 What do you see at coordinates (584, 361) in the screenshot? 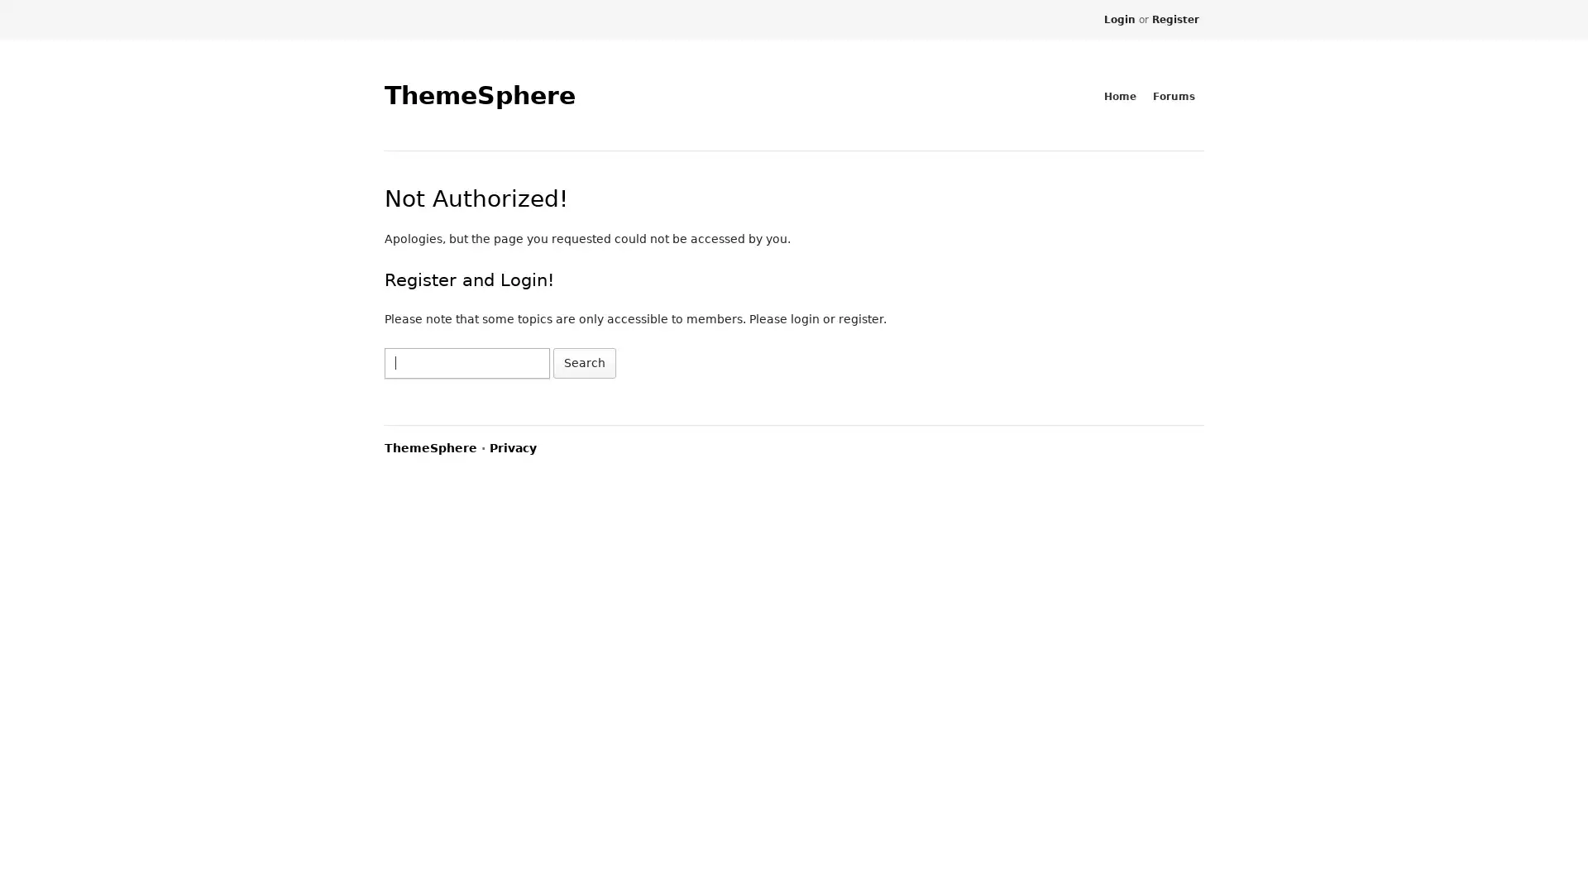
I see `Search` at bounding box center [584, 361].